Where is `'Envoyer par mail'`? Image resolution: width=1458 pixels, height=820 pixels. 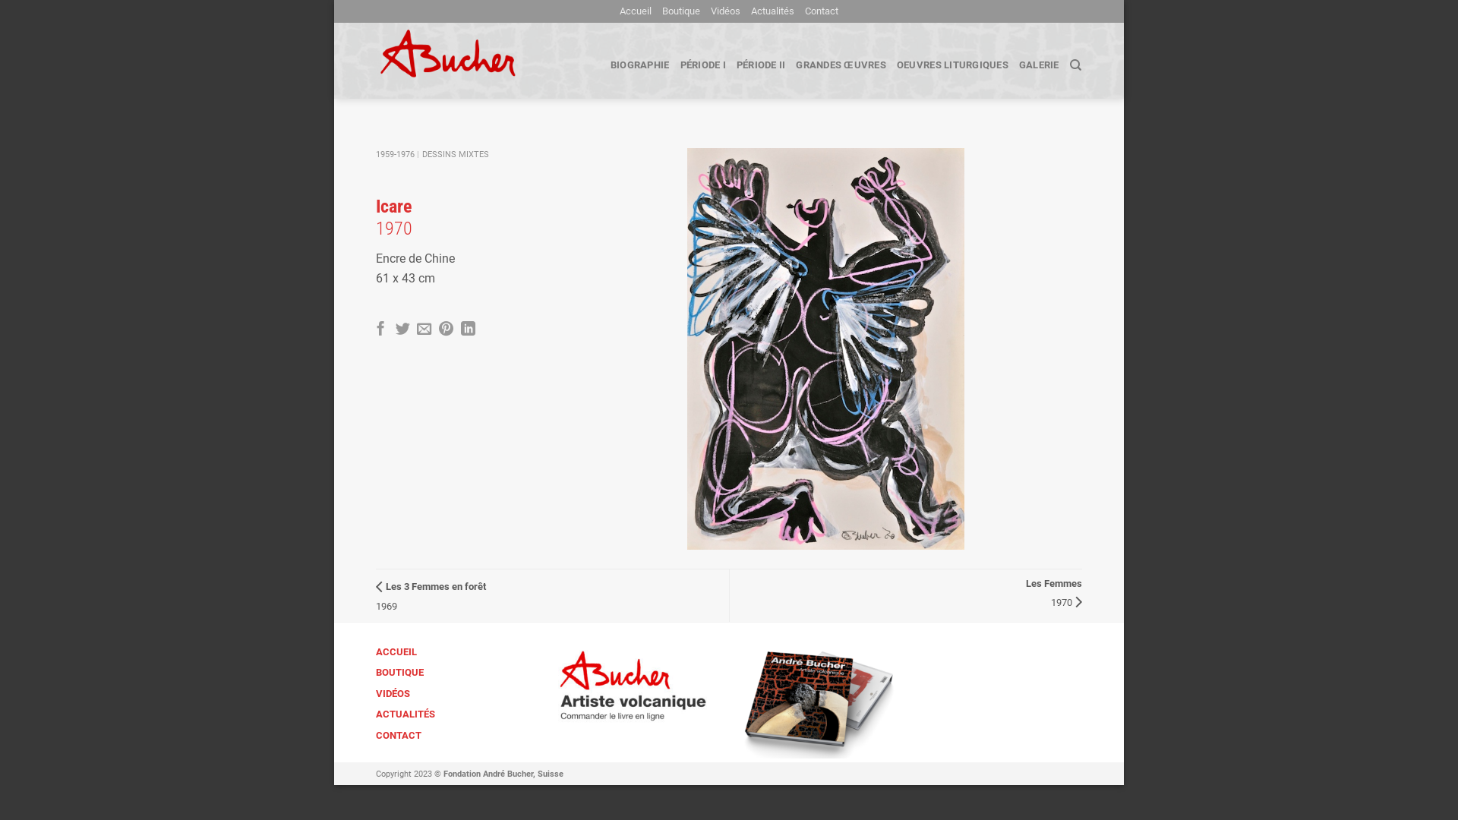 'Envoyer par mail' is located at coordinates (416, 329).